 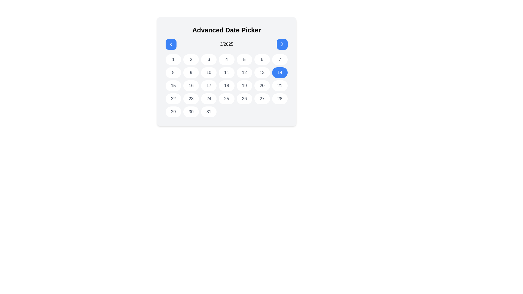 What do you see at coordinates (226, 72) in the screenshot?
I see `the interactive calendar date cell representing the 11th day of the month` at bounding box center [226, 72].